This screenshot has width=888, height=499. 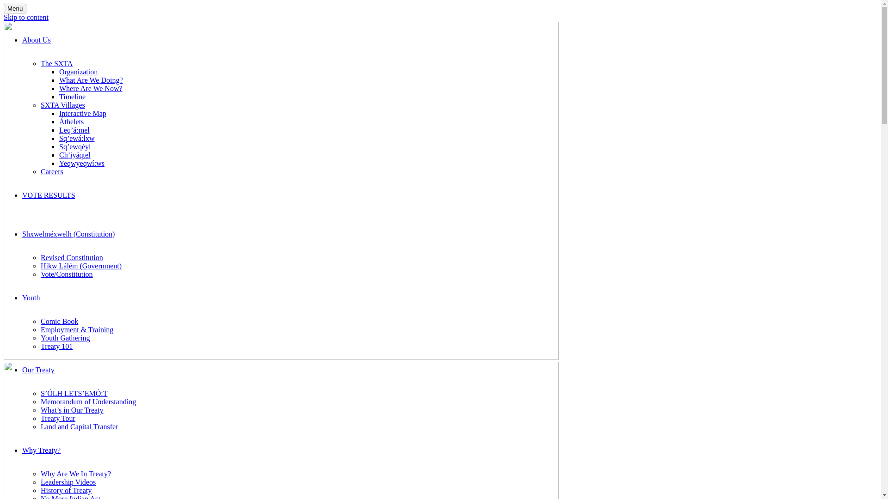 I want to click on 'Interactive Map', so click(x=82, y=113).